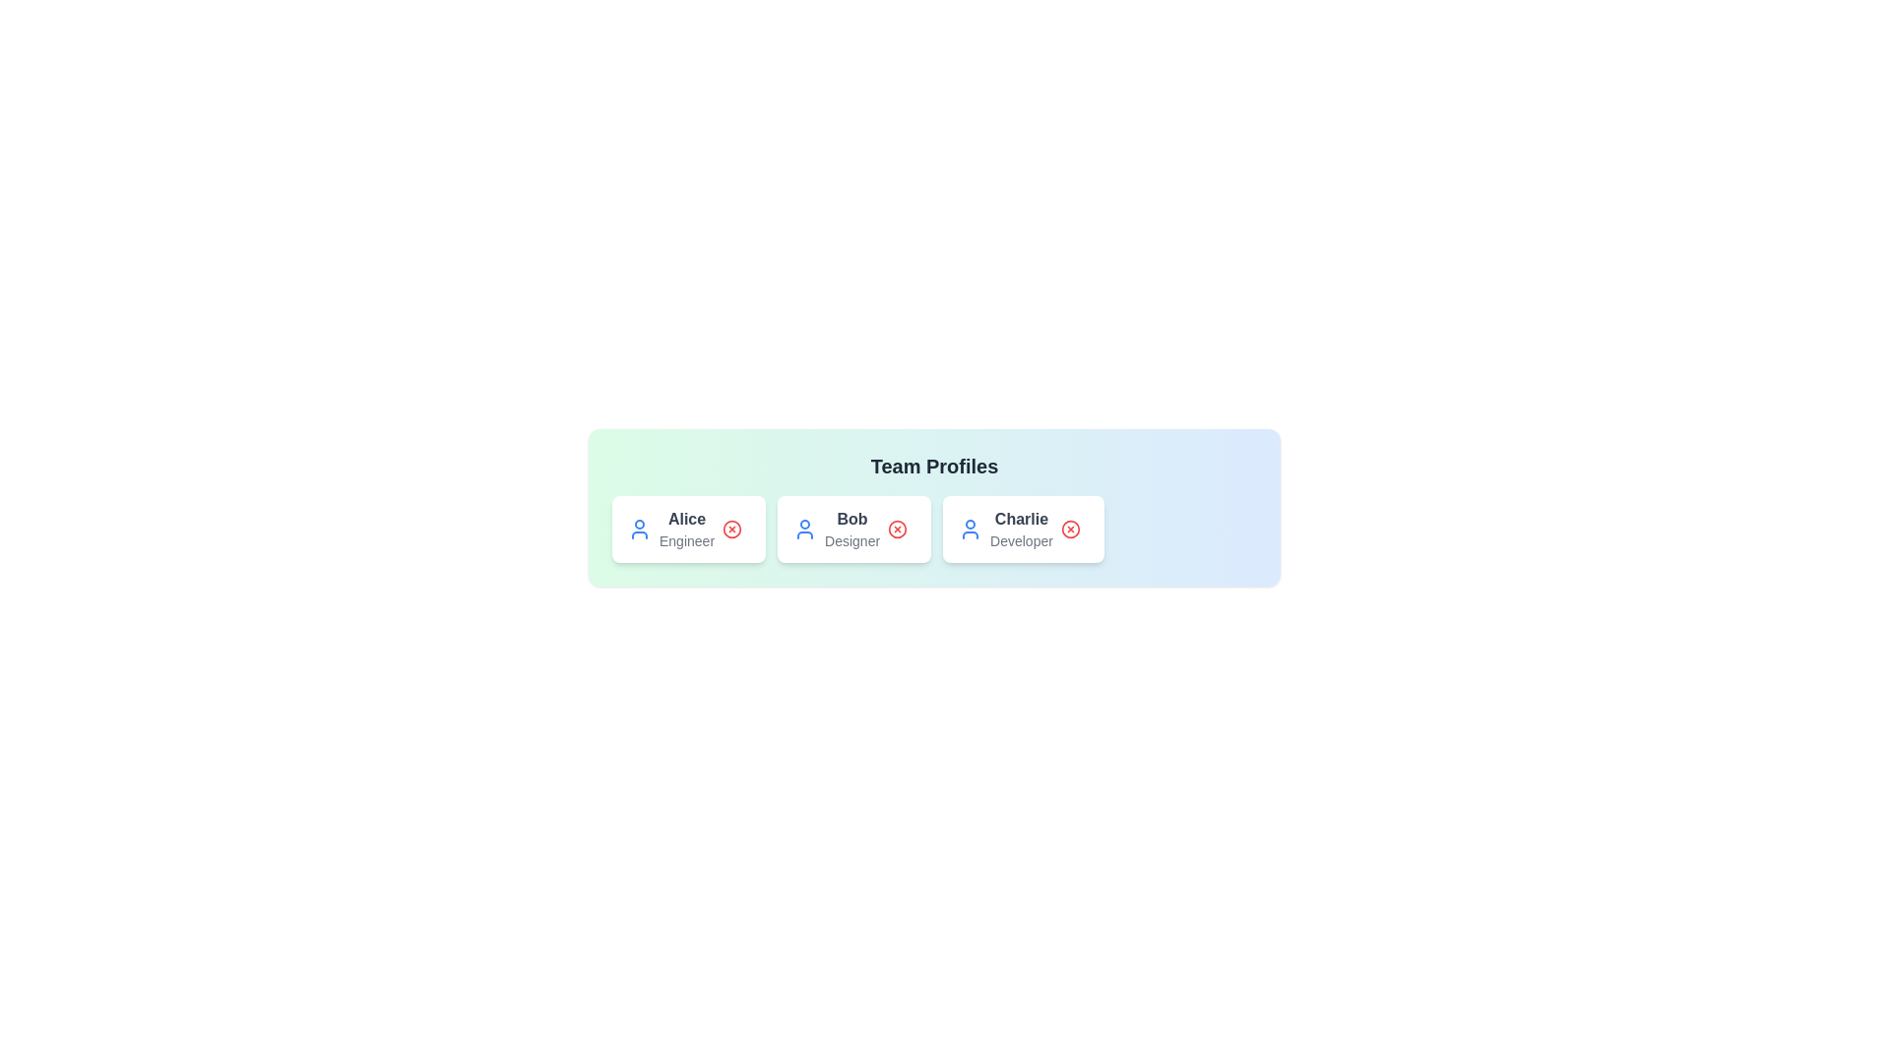 This screenshot has width=1890, height=1063. I want to click on remove button for the profile named Alice, so click(731, 528).